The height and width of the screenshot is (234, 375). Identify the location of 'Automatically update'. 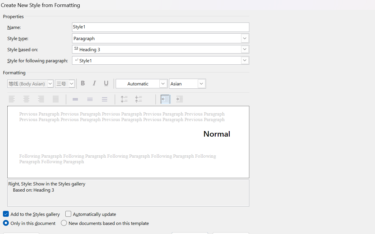
(91, 214).